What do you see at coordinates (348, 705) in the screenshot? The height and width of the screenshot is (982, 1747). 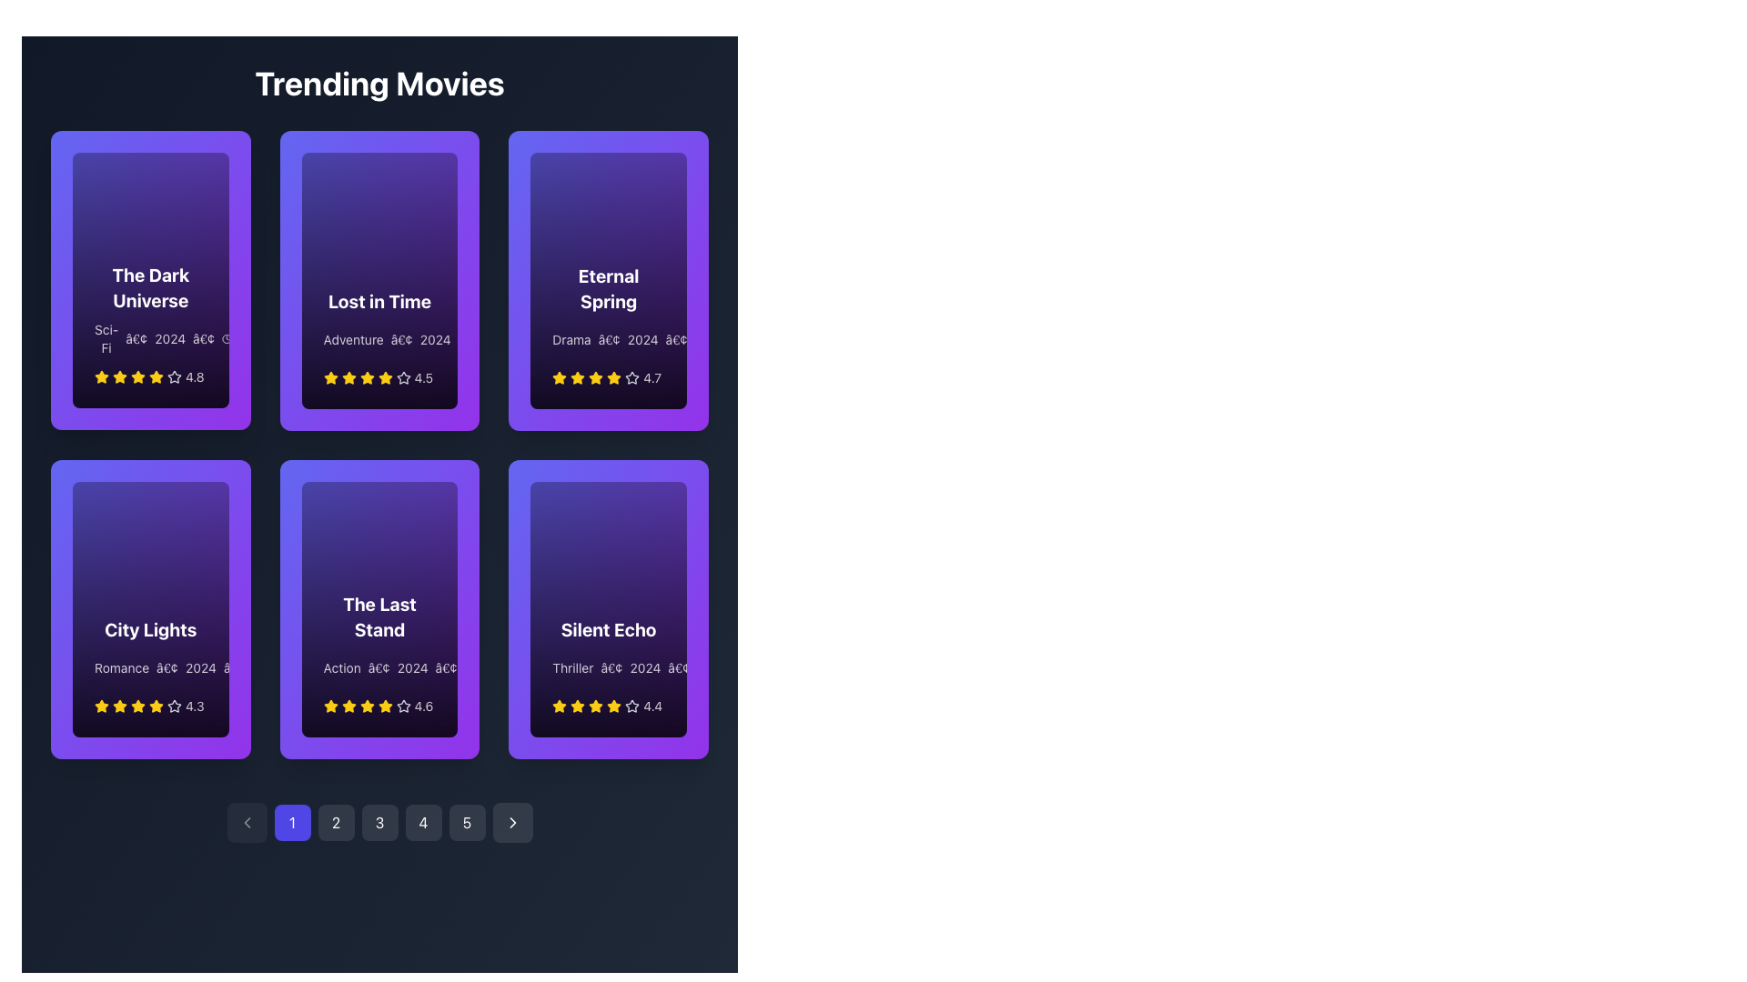 I see `the fourth yellow star icon in the rating system for 'The Last Stand' movie card located in the 'Trending Movies' section` at bounding box center [348, 705].